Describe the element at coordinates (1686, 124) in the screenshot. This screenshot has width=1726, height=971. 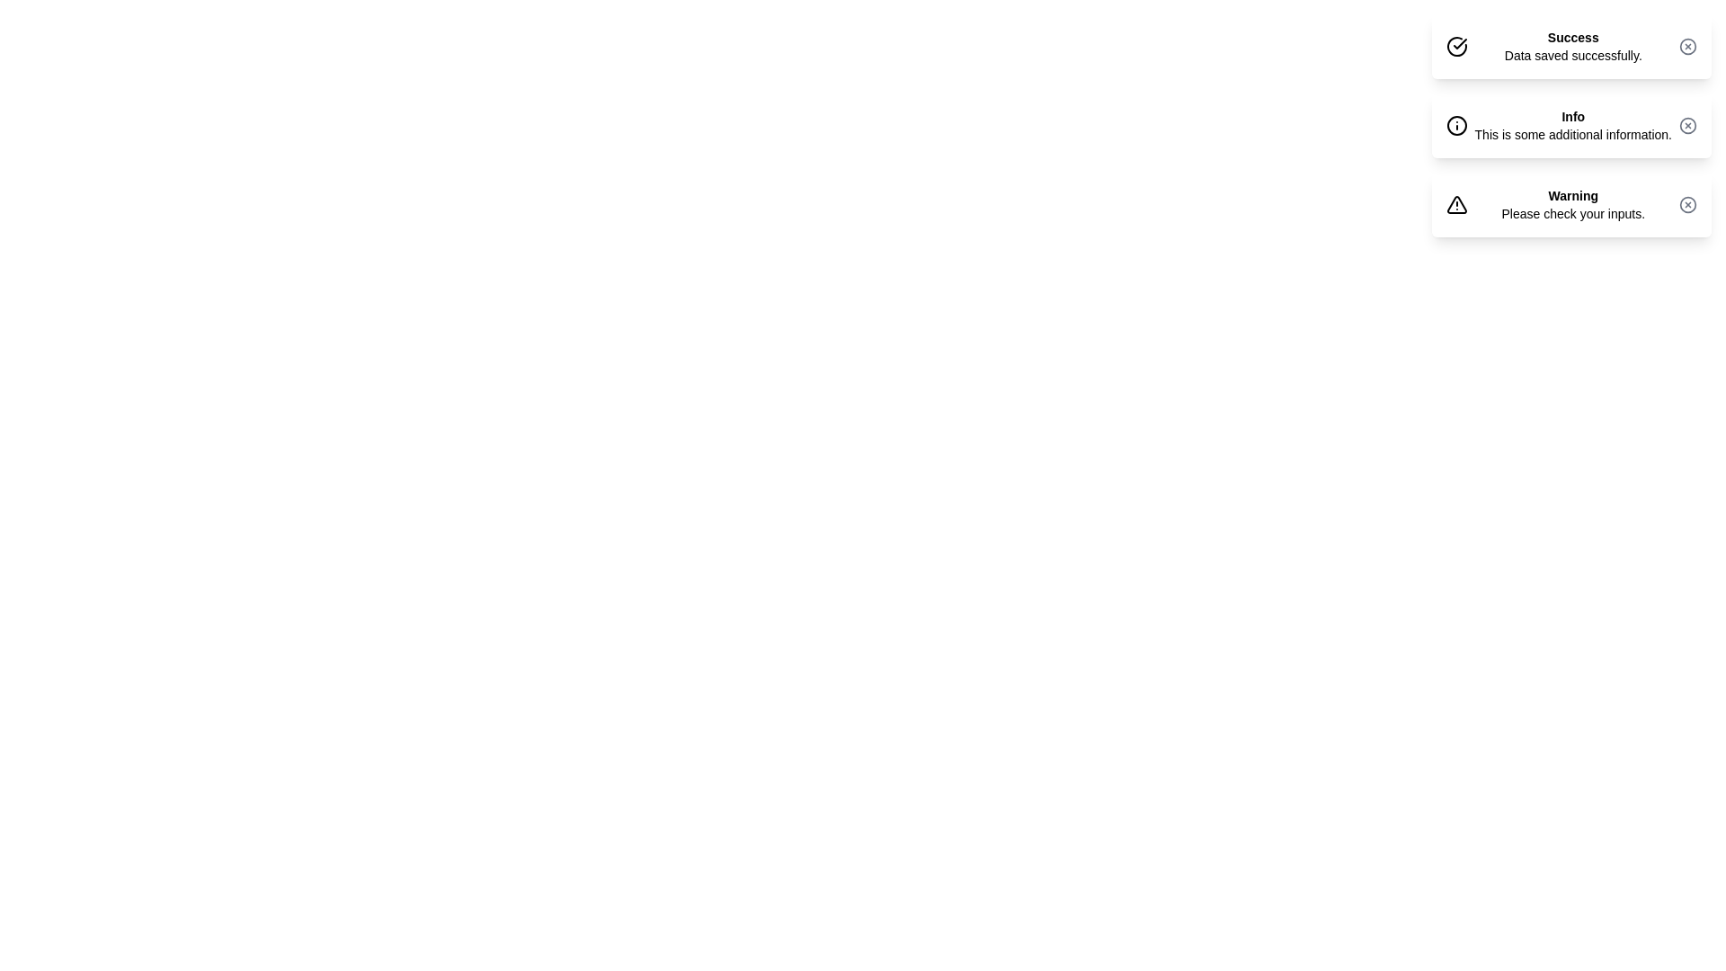
I see `the close button icon represented by a circular shape with a diagonal cross, located in the top-right corner of the 'Info' pop-up notification card` at that location.